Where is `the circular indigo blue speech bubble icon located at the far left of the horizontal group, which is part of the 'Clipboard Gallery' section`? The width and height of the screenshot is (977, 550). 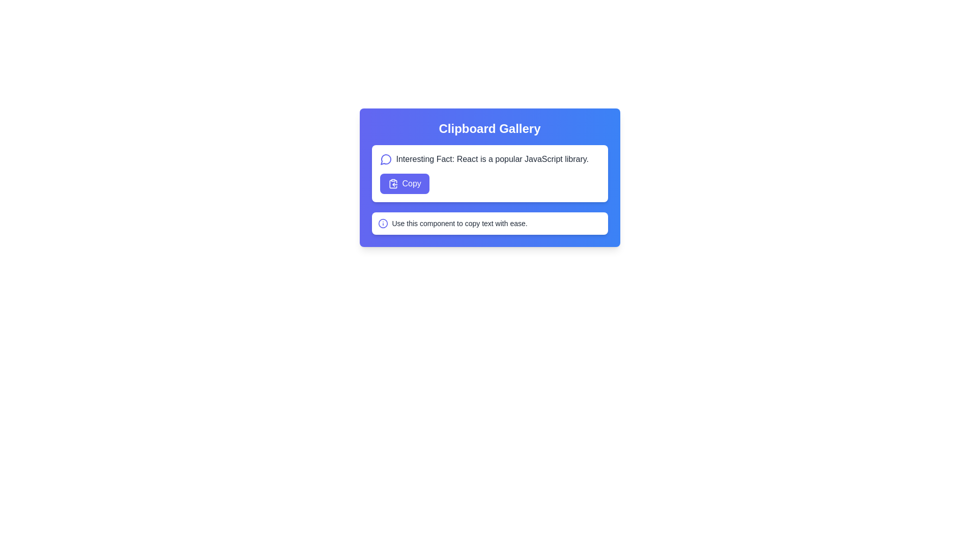
the circular indigo blue speech bubble icon located at the far left of the horizontal group, which is part of the 'Clipboard Gallery' section is located at coordinates (385, 159).